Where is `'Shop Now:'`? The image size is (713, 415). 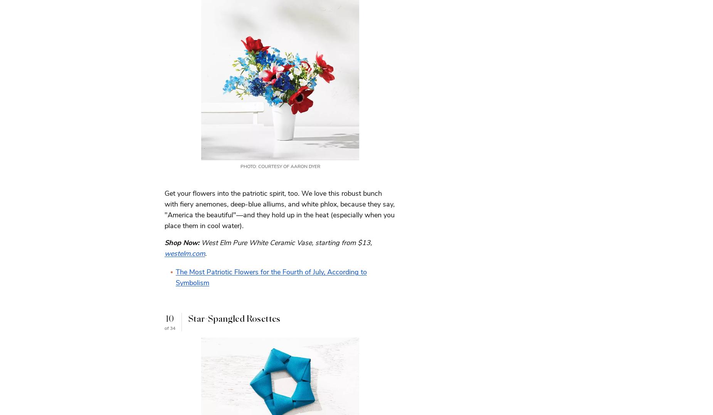
'Shop Now:' is located at coordinates (164, 242).